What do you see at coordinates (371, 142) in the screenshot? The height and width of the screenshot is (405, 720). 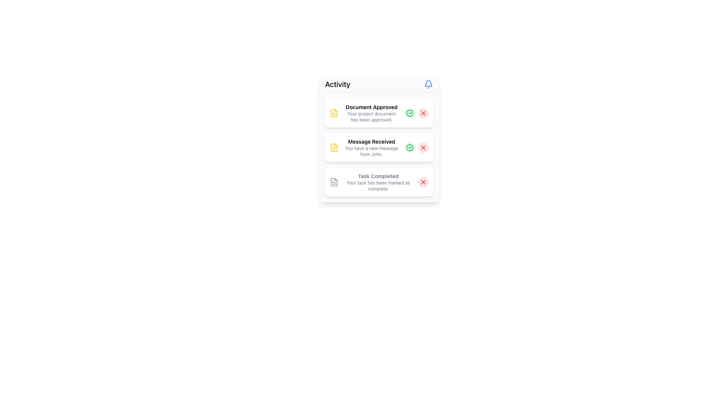 I see `the text label displaying 'Message Received' in bold black font, located in the second notification card from the top` at bounding box center [371, 142].